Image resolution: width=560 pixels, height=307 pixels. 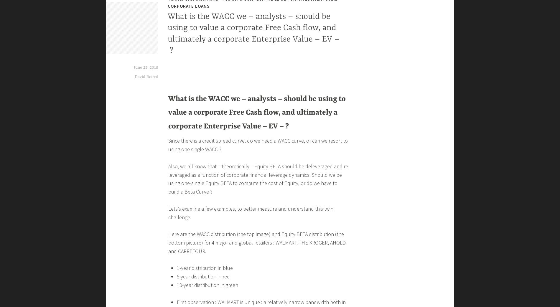 I want to click on '(required)', so click(x=192, y=7).